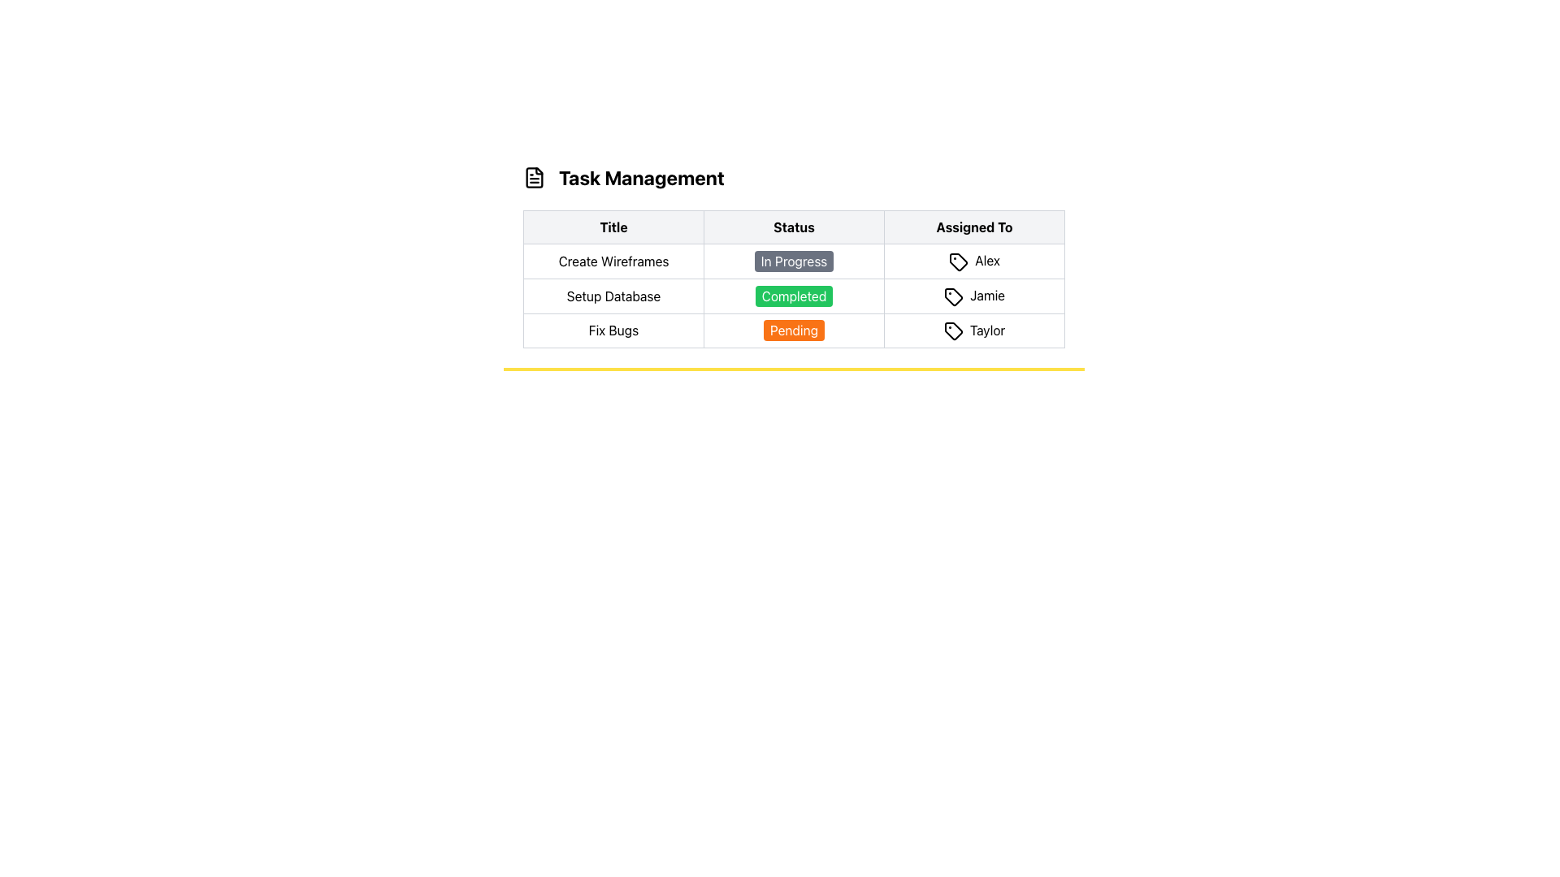  Describe the element at coordinates (794, 260) in the screenshot. I see `the Status indicator badge that indicates the task 'Create Wireframes' is 'In Progress', located in the first row of the 'Status' column in the 'Task Management' table` at that location.